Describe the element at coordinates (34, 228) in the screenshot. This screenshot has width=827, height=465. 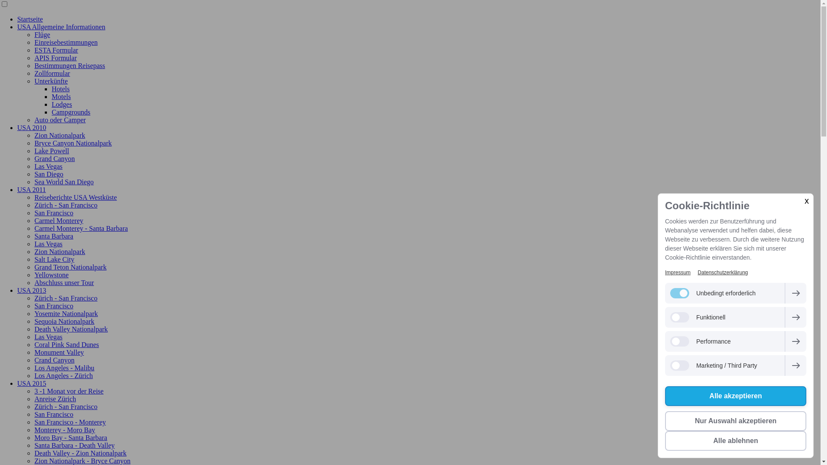
I see `'Carmel Monterey - Santa Barbara'` at that location.